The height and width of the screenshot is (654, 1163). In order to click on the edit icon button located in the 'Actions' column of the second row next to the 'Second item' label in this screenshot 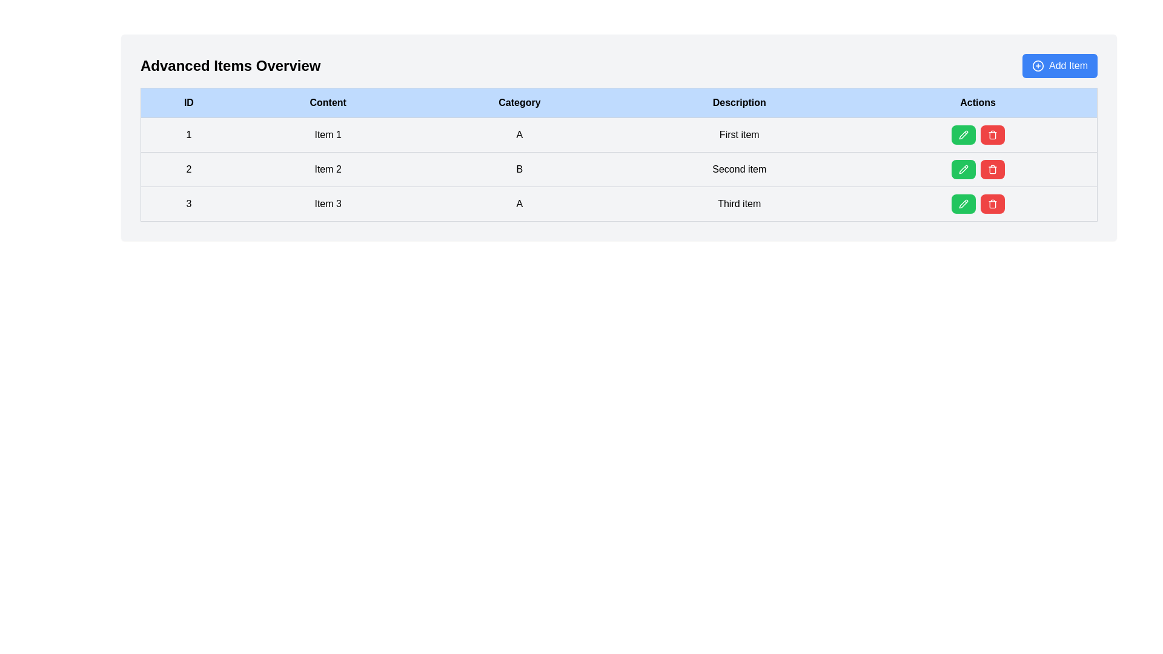, I will do `click(963, 170)`.